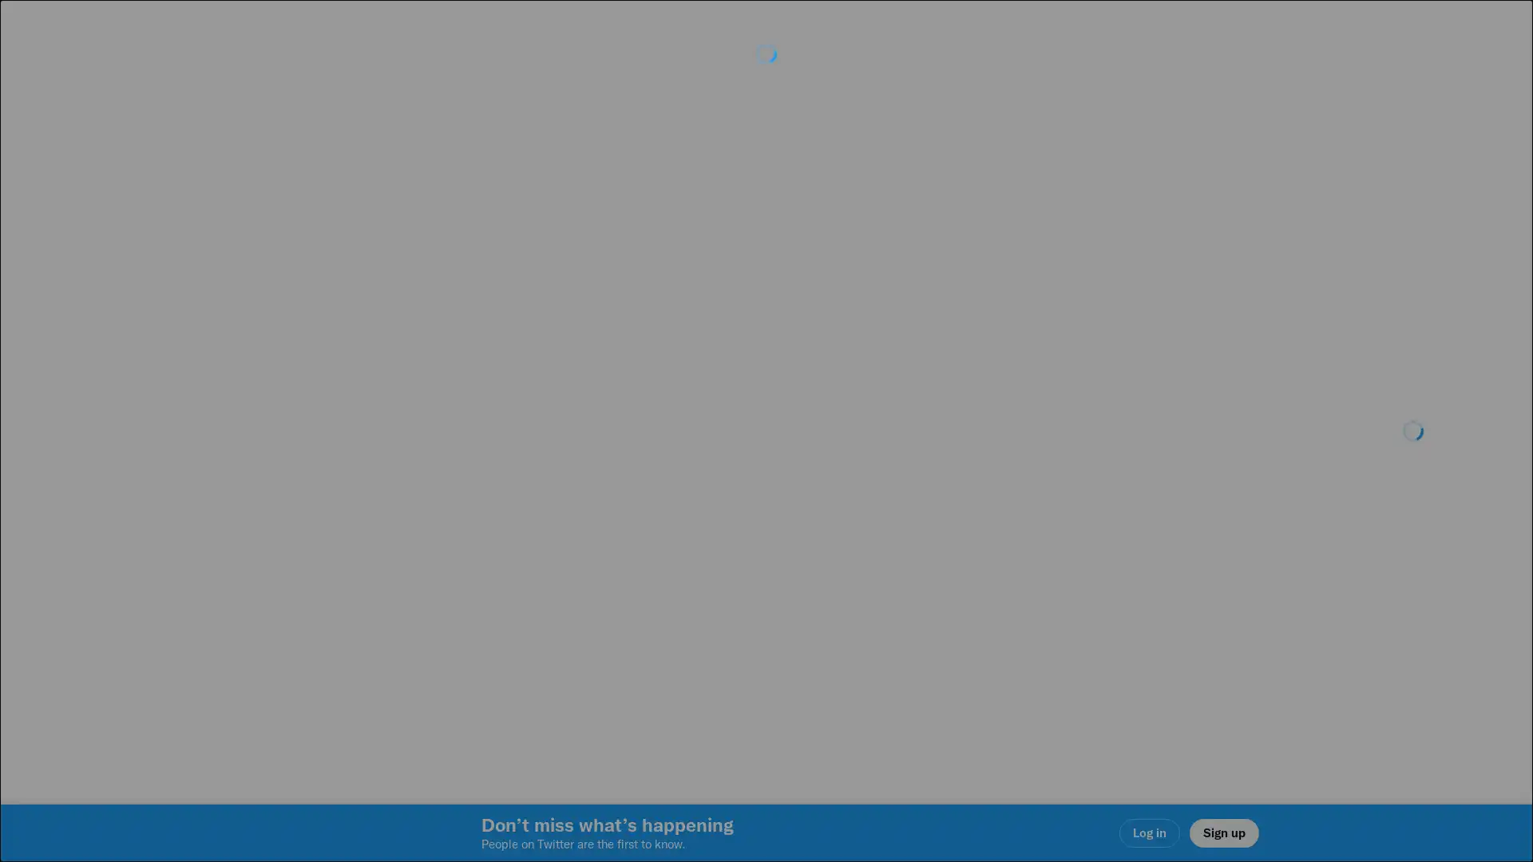 This screenshot has height=862, width=1533. I want to click on Log in, so click(958, 544).